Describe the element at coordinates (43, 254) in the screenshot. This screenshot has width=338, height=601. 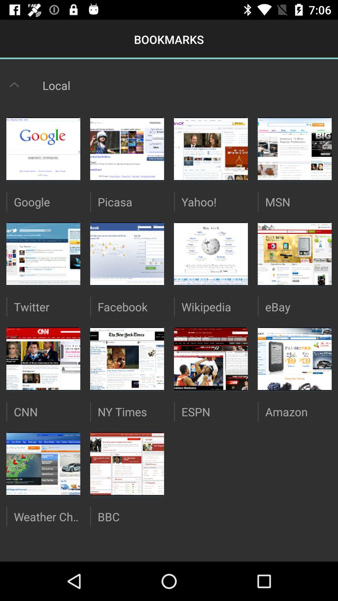
I see `the image above twitter` at that location.